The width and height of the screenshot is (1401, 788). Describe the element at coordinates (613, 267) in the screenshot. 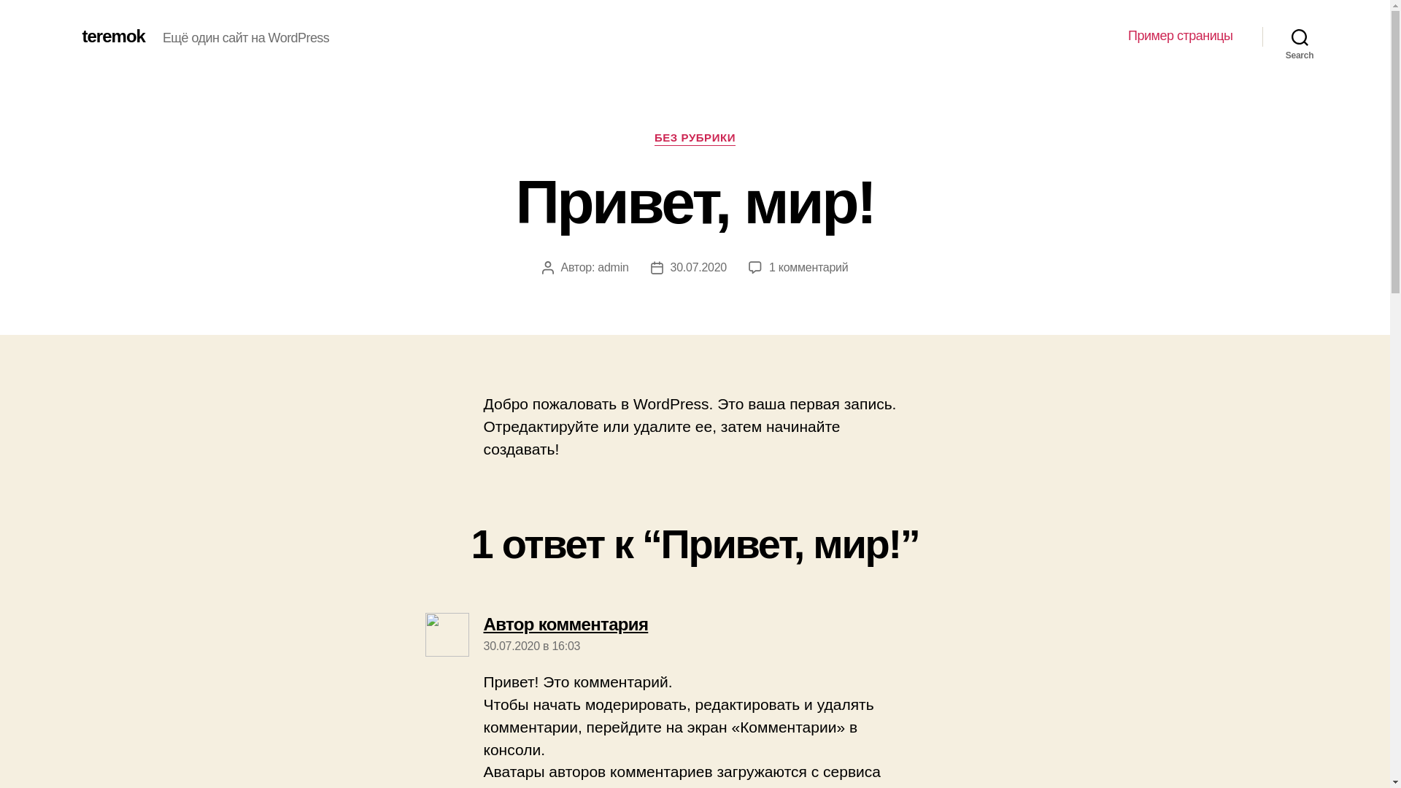

I see `'admin'` at that location.